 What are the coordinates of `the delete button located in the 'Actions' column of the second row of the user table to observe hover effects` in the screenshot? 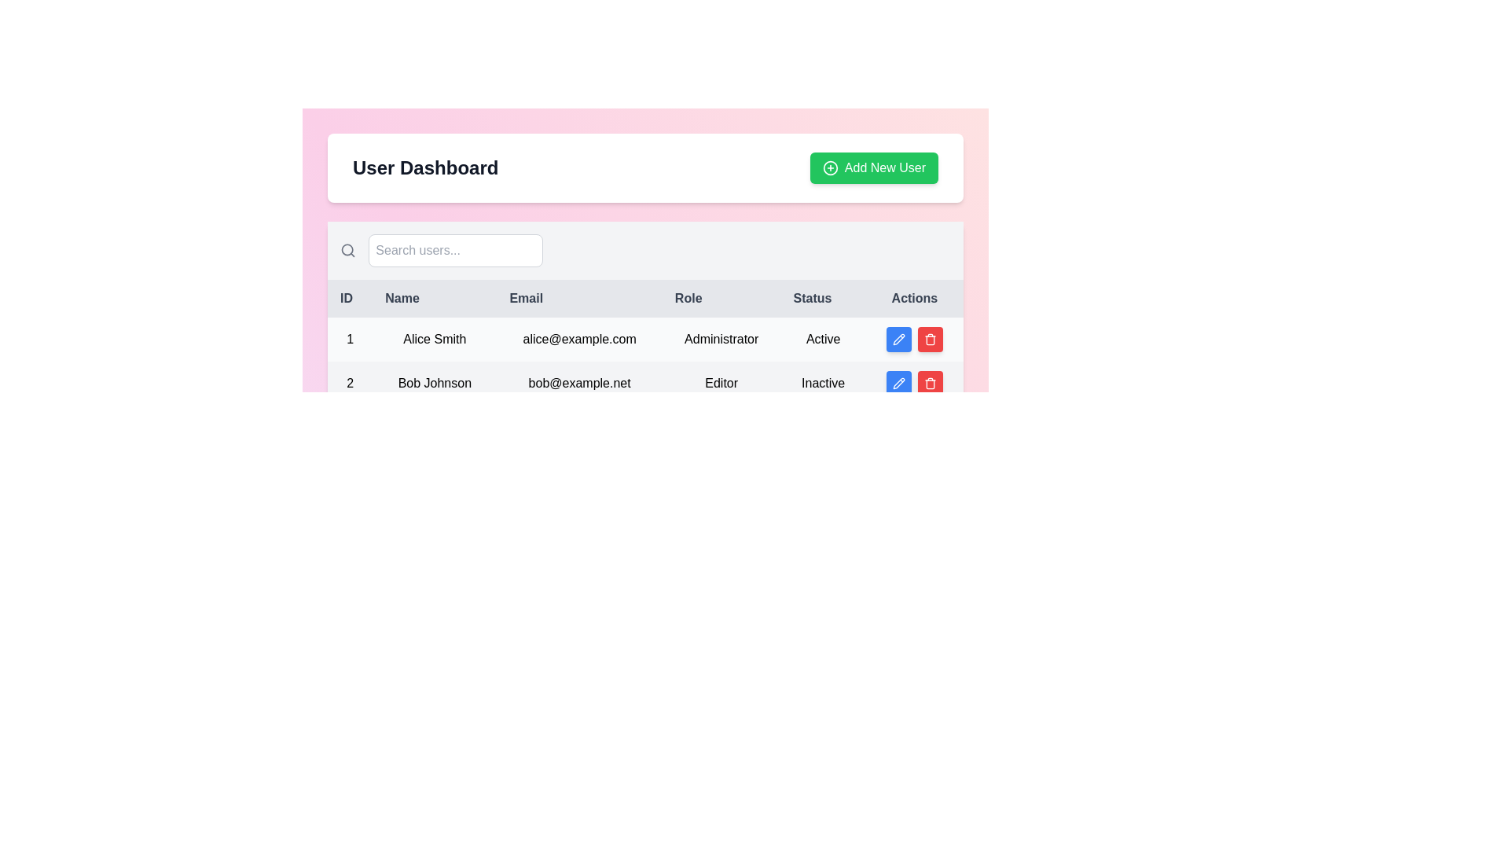 It's located at (930, 384).